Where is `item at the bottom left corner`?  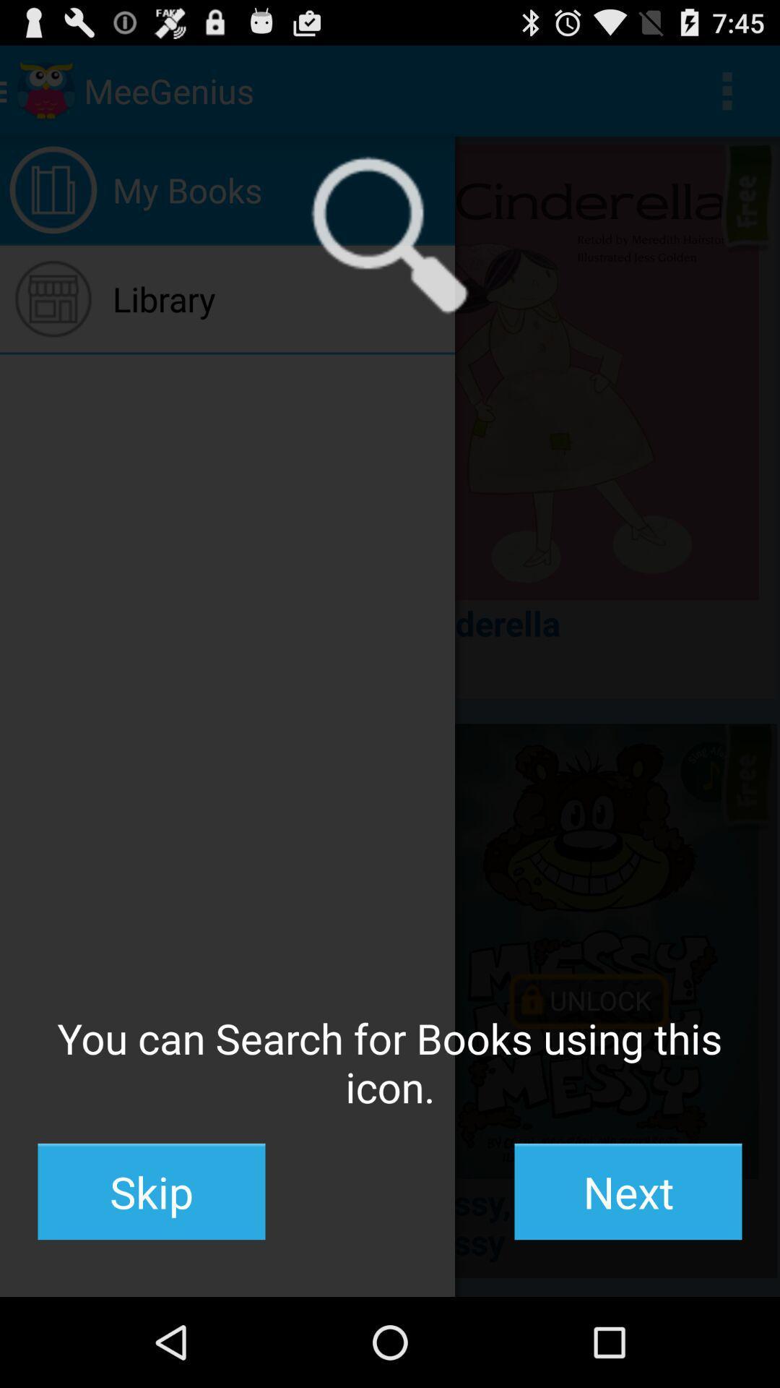
item at the bottom left corner is located at coordinates (151, 1191).